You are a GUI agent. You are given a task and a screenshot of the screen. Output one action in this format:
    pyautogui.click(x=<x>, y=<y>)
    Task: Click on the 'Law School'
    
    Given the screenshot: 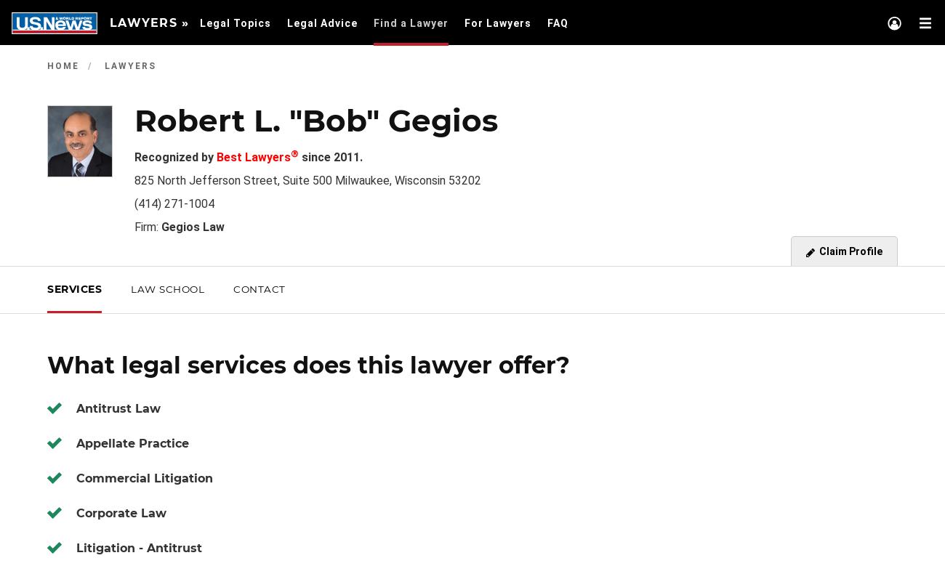 What is the action you would take?
    pyautogui.click(x=166, y=288)
    